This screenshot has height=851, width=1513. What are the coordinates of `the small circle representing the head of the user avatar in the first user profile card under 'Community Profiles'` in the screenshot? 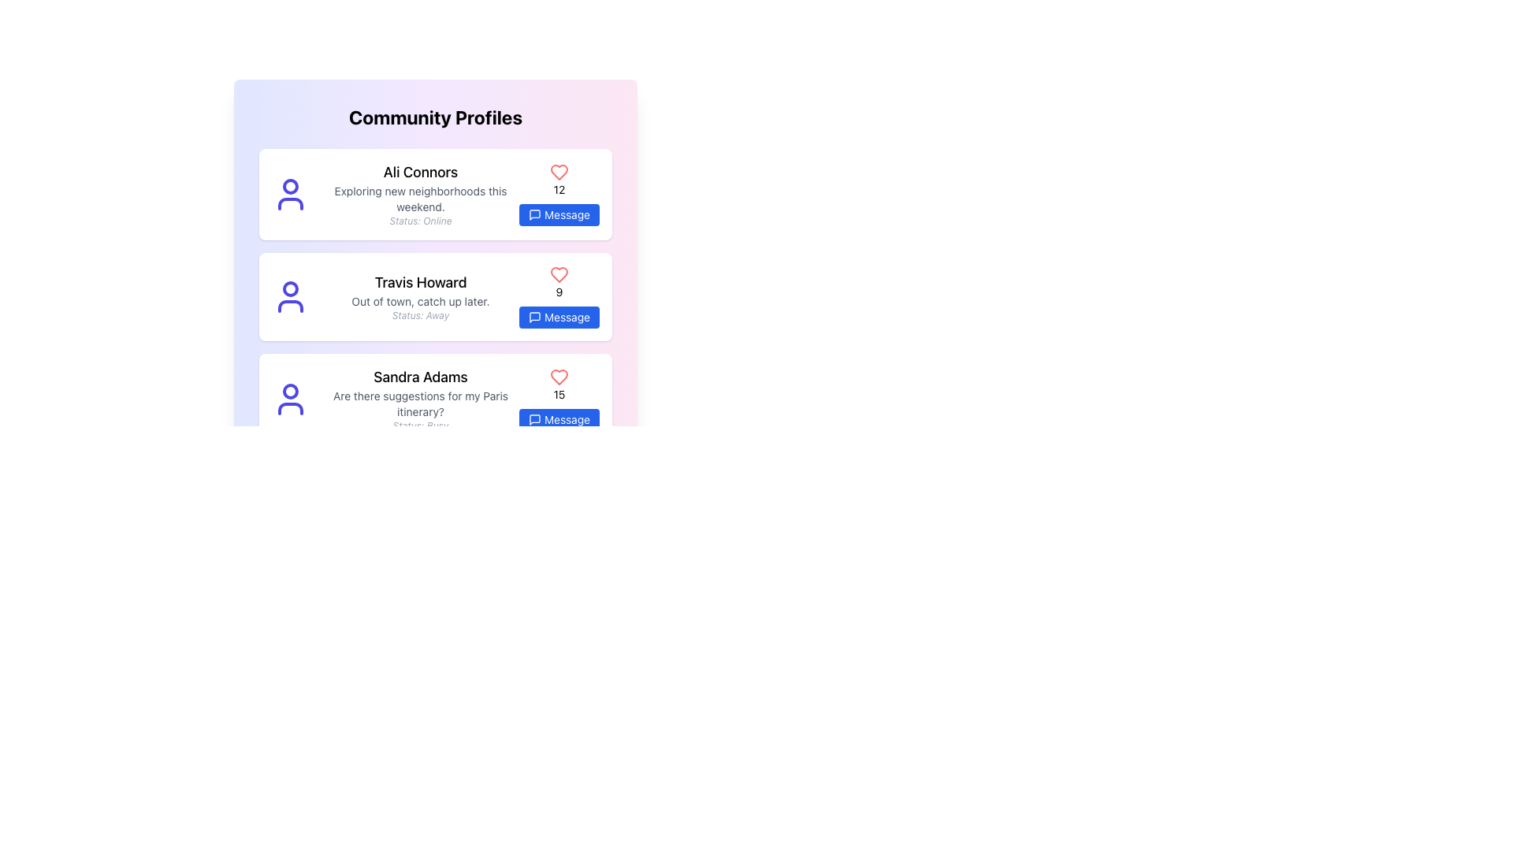 It's located at (291, 185).